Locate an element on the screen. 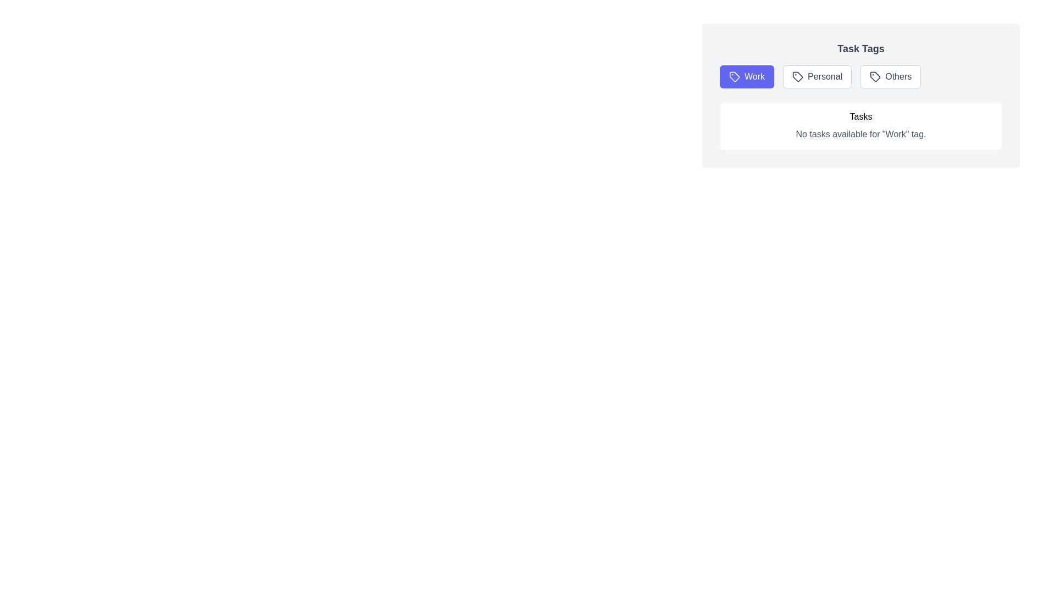 The image size is (1055, 593). the icon representing the 'Personal' category of tasks is located at coordinates (798, 76).